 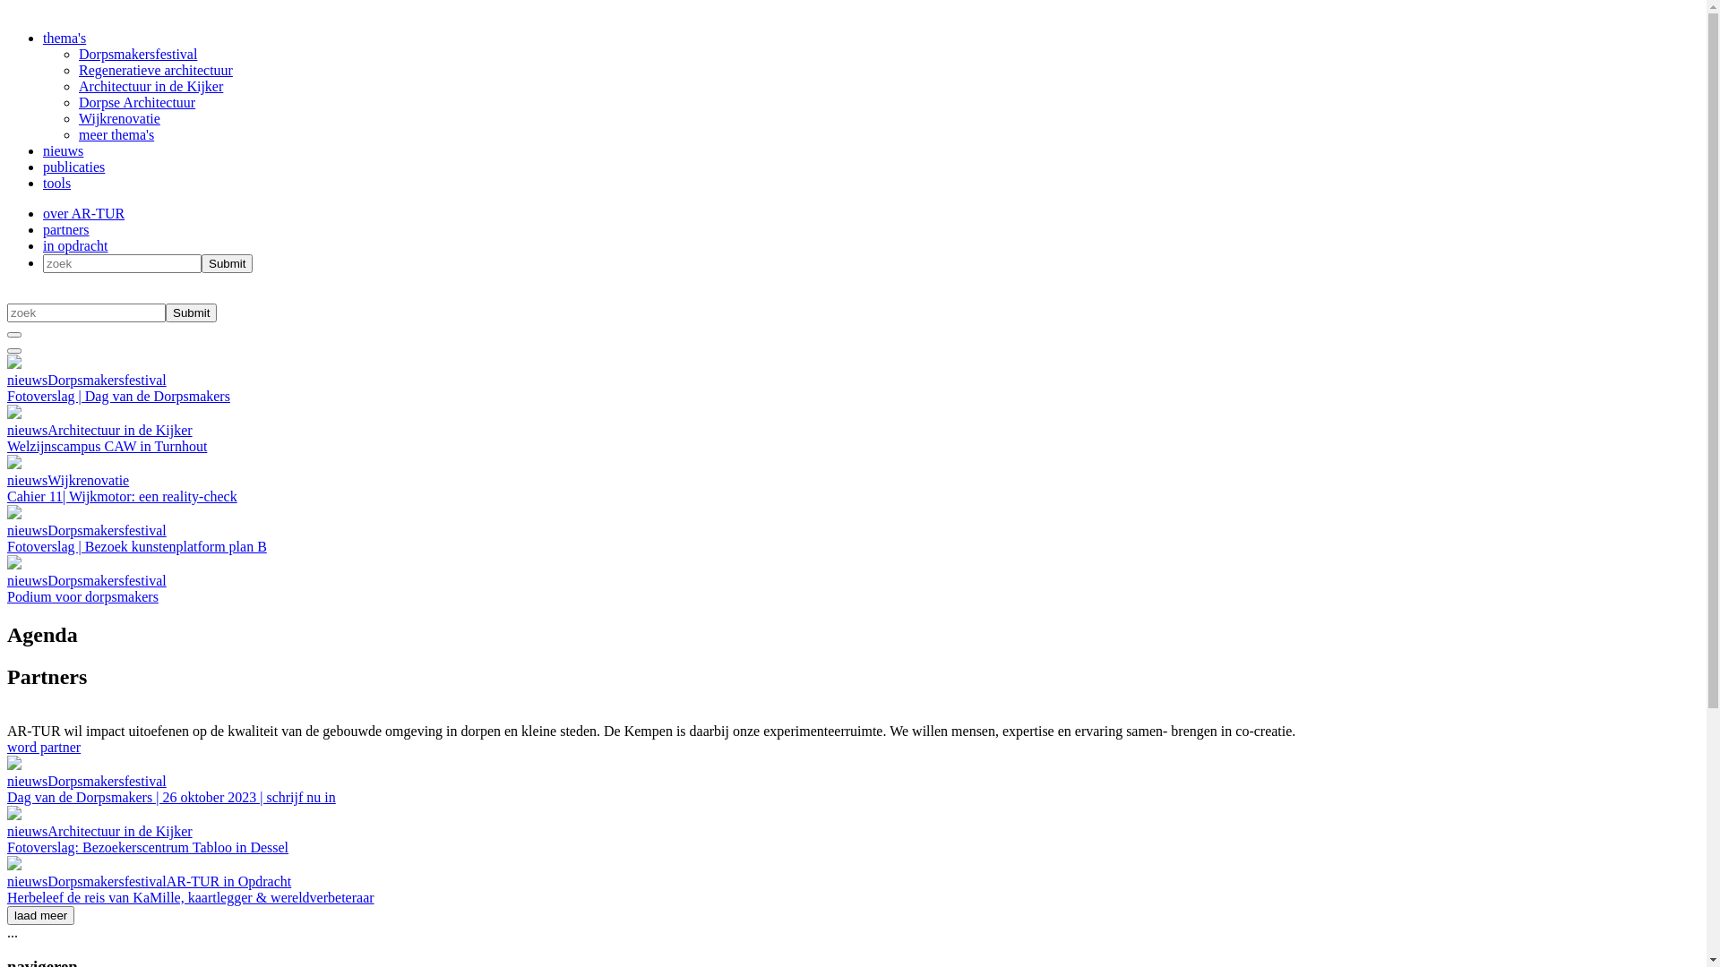 What do you see at coordinates (43, 228) in the screenshot?
I see `'partners'` at bounding box center [43, 228].